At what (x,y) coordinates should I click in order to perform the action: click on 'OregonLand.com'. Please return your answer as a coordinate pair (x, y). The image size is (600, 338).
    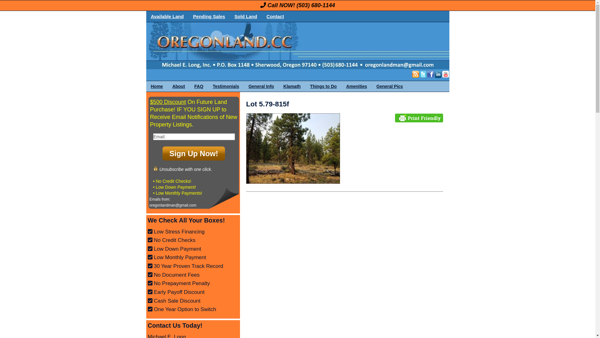
    Looking at the image, I should click on (146, 45).